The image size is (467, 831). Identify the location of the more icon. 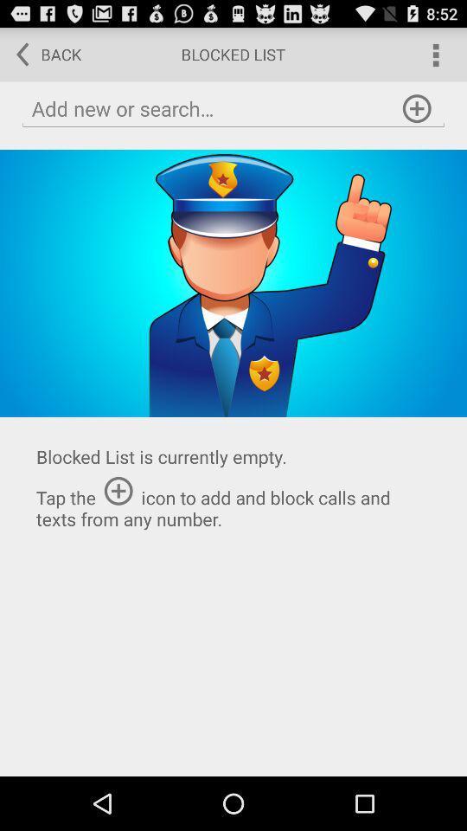
(434, 58).